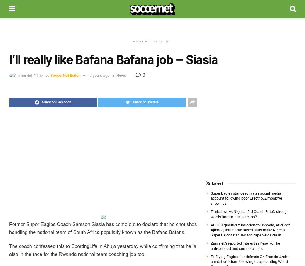 The height and width of the screenshot is (266, 305). Describe the element at coordinates (250, 229) in the screenshot. I see `'AFCON qualifiers: Barcelona’s Oshoala, Atletico’s Ajibade, four home-based stars make Nigeria Super Falcons’ squad for Cape Verde clash'` at that location.